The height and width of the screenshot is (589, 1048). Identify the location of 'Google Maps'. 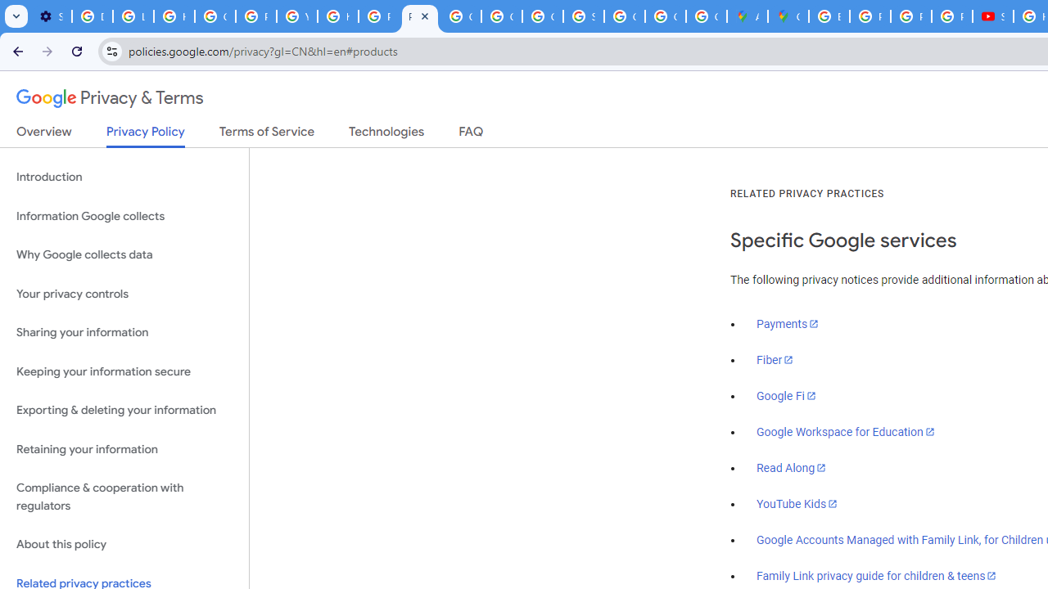
(788, 16).